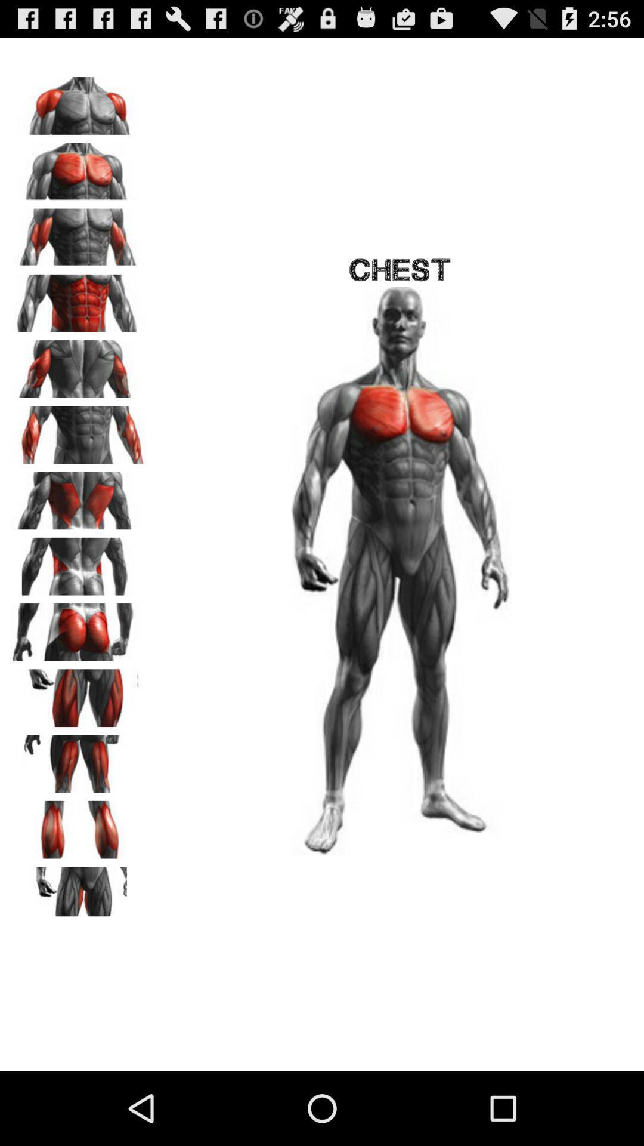 Image resolution: width=644 pixels, height=1146 pixels. Describe the element at coordinates (78, 101) in the screenshot. I see `tapping this will give me information on building my shoulder muscles` at that location.